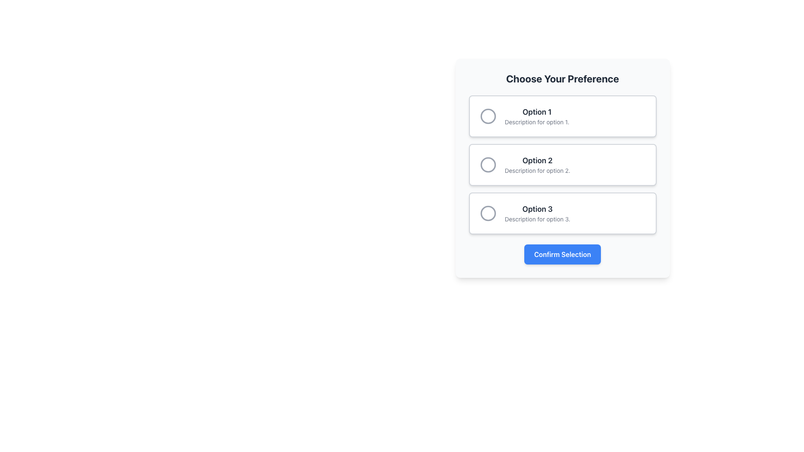 The height and width of the screenshot is (452, 804). Describe the element at coordinates (537, 213) in the screenshot. I see `the Text Block that describes the third option in the list of selectable items, positioned below the second option and above the 'Confirm Selection' button` at that location.